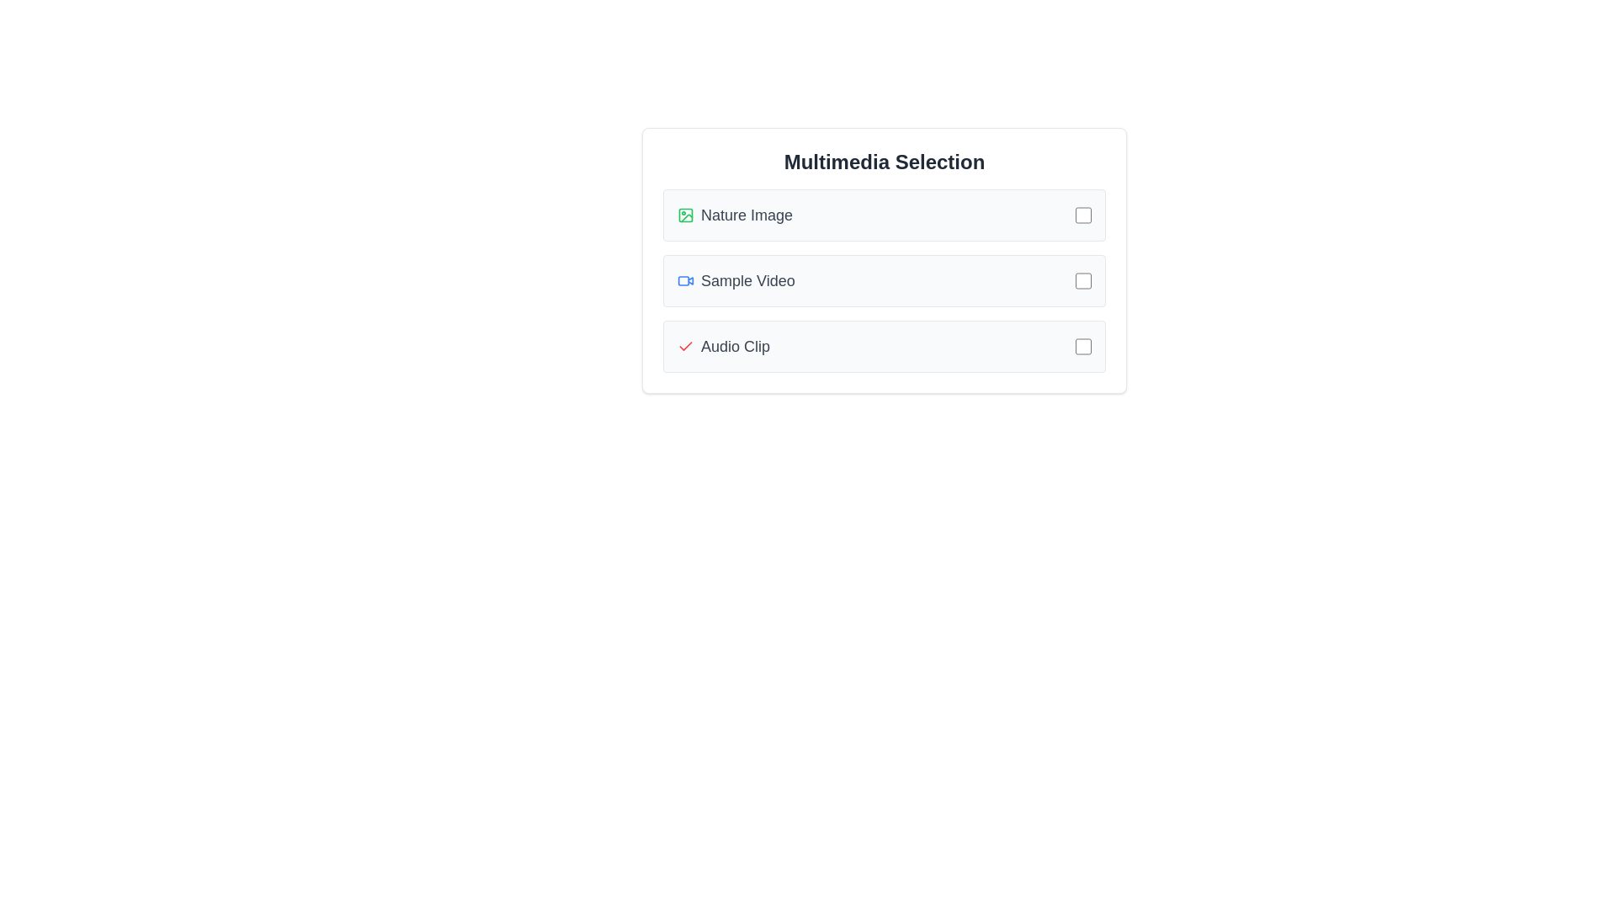 The image size is (1616, 909). I want to click on the checkbox associated with the 'Audio Clip' multimedia item, so click(1083, 346).